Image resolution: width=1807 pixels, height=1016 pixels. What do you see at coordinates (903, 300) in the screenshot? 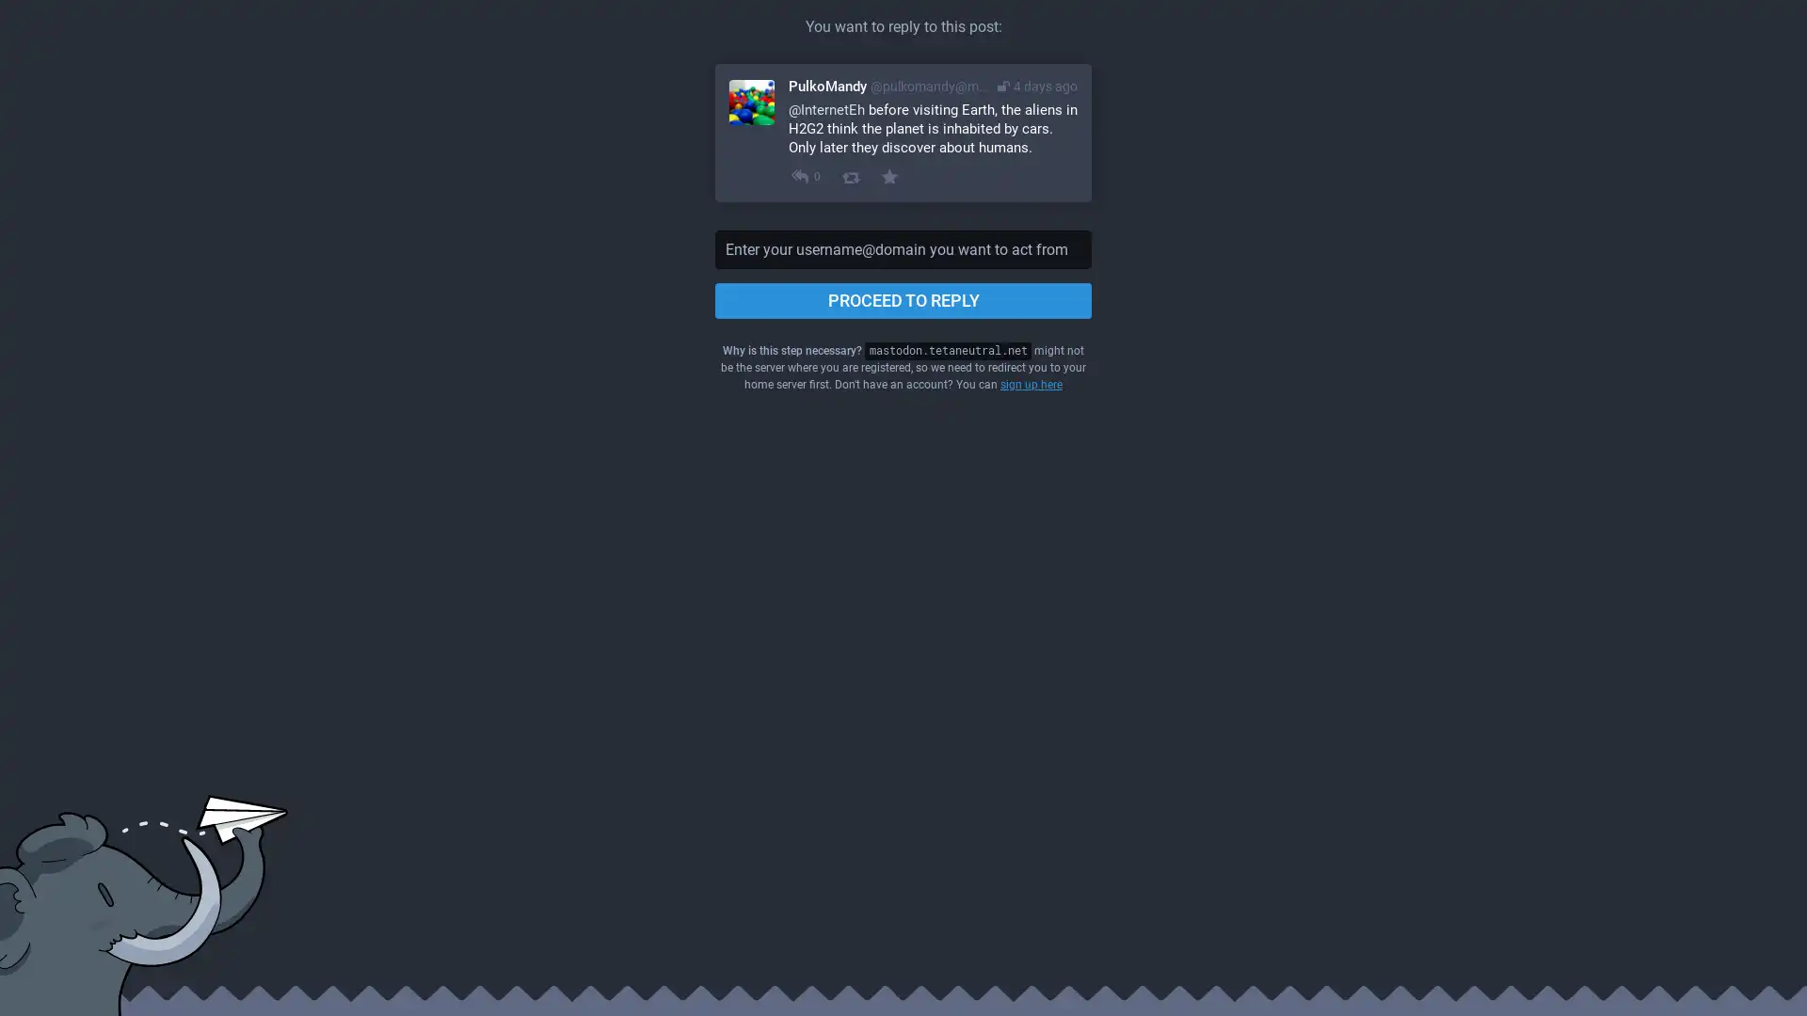
I see `PROCEED TO REPLY` at bounding box center [903, 300].